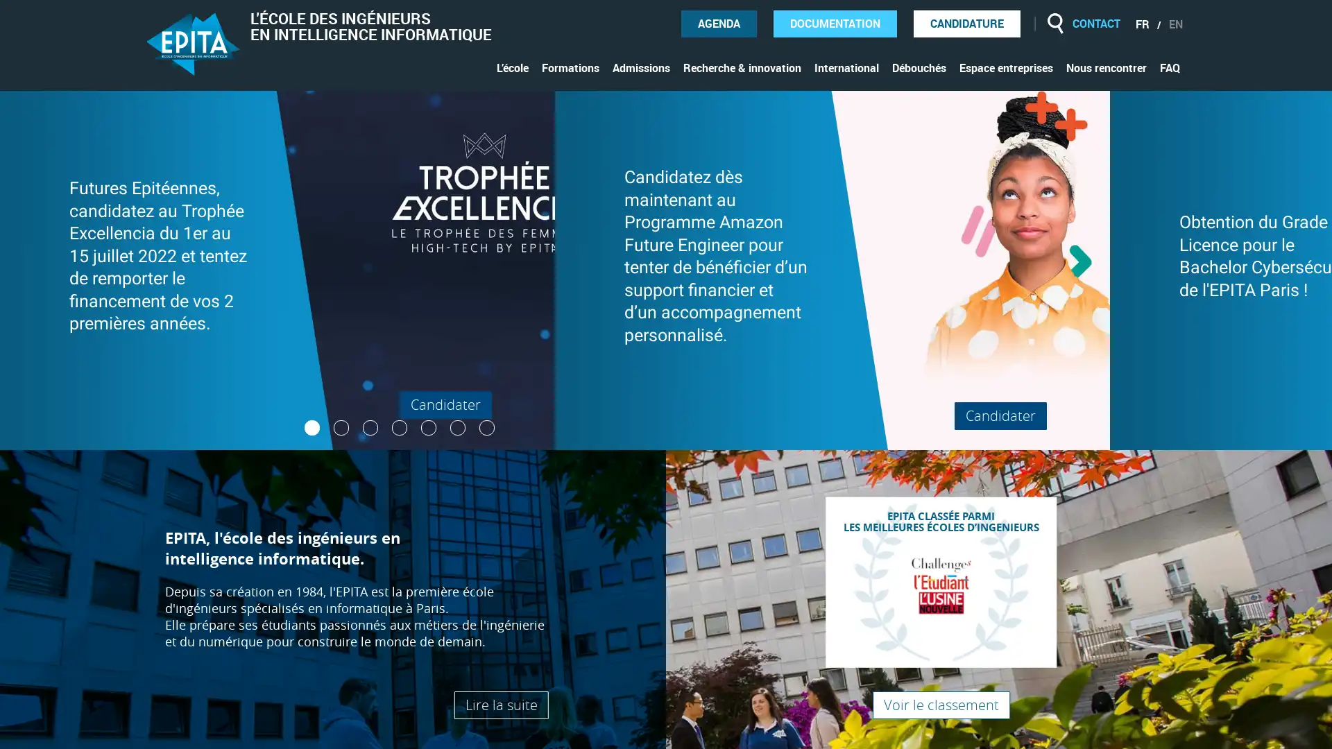  I want to click on Rechercher, so click(1054, 23).